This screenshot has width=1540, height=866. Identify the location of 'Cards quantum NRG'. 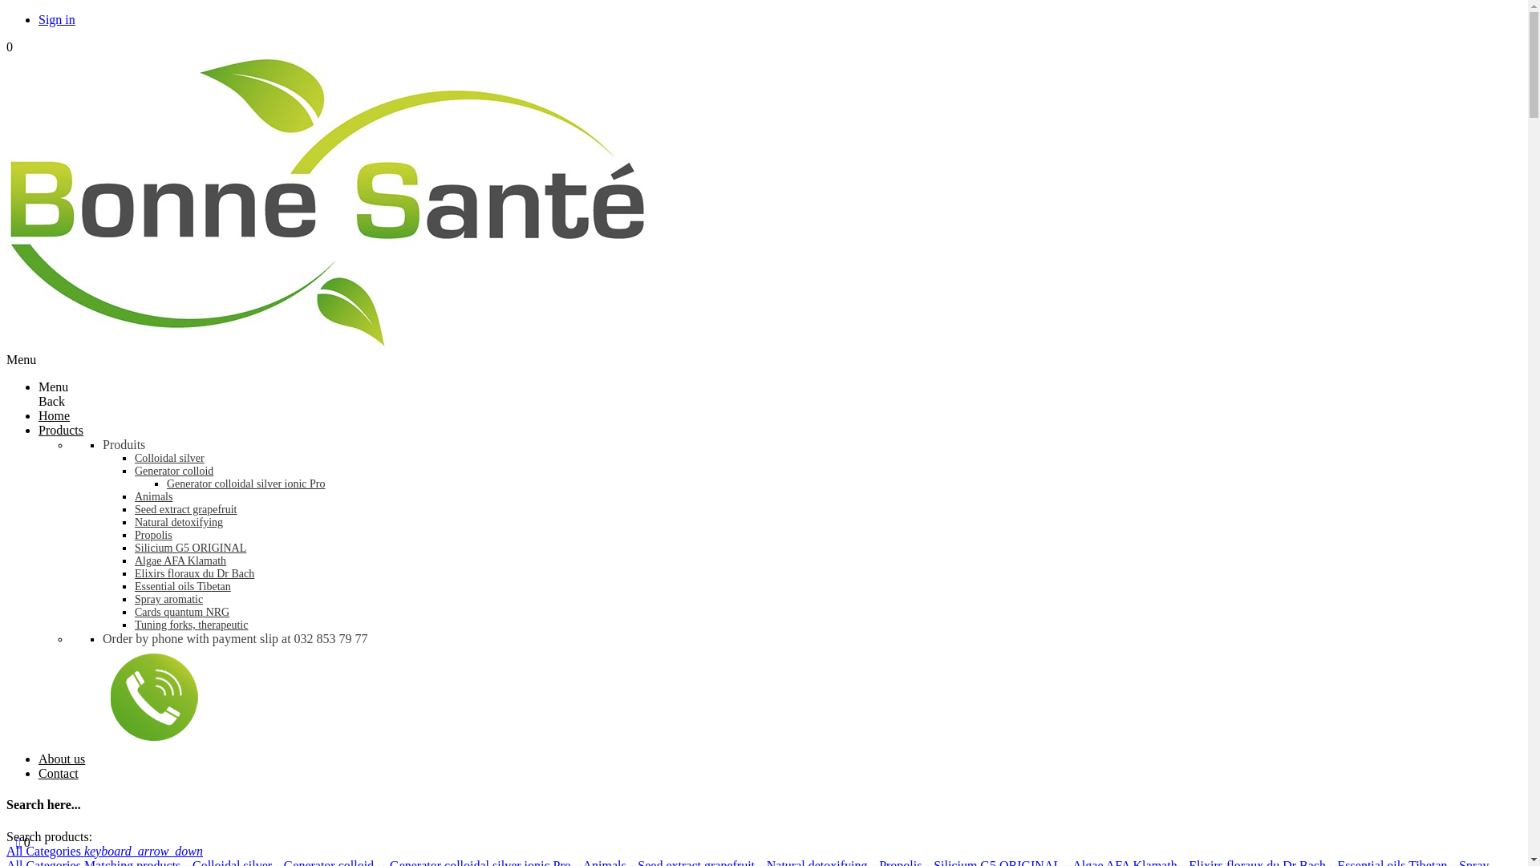
(181, 612).